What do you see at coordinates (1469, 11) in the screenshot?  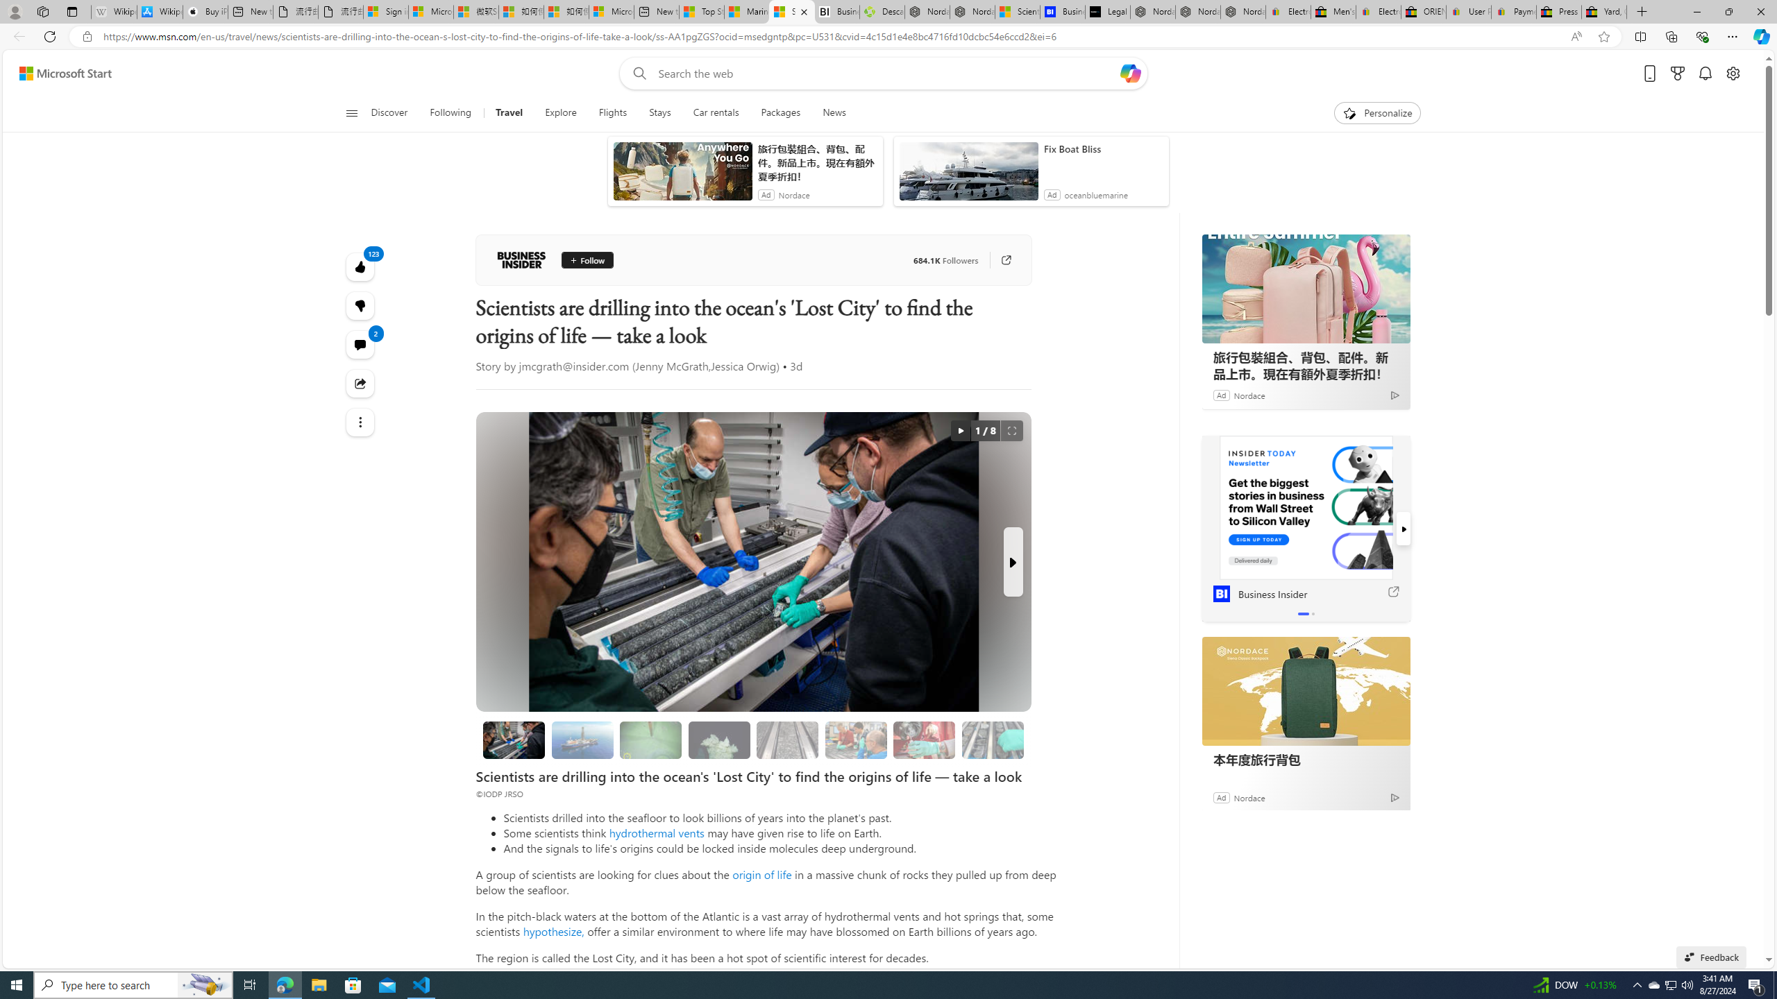 I see `'User Privacy Notice | eBay'` at bounding box center [1469, 11].